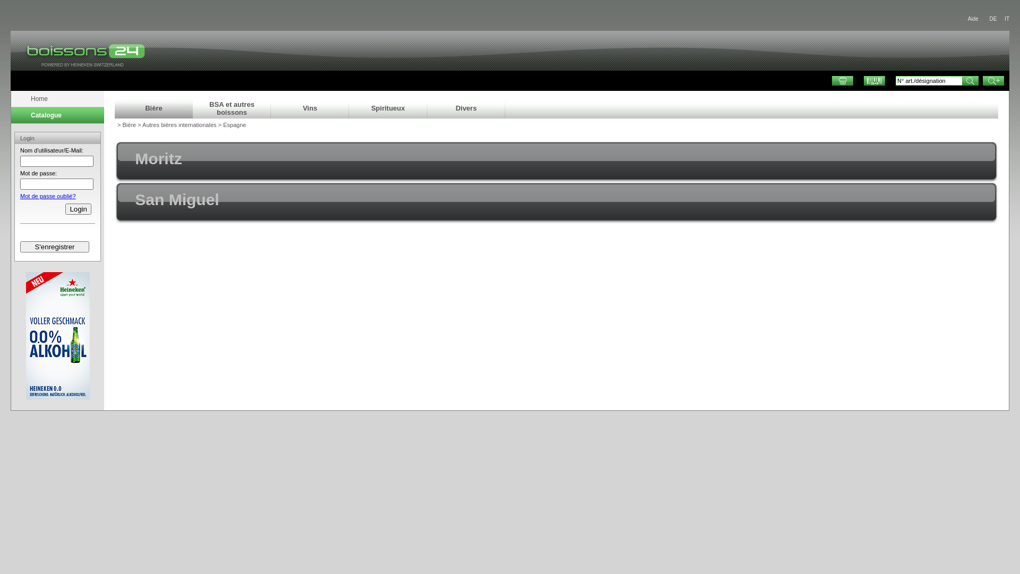 The height and width of the screenshot is (574, 1020). Describe the element at coordinates (13, 115) in the screenshot. I see `'Catalogue'` at that location.